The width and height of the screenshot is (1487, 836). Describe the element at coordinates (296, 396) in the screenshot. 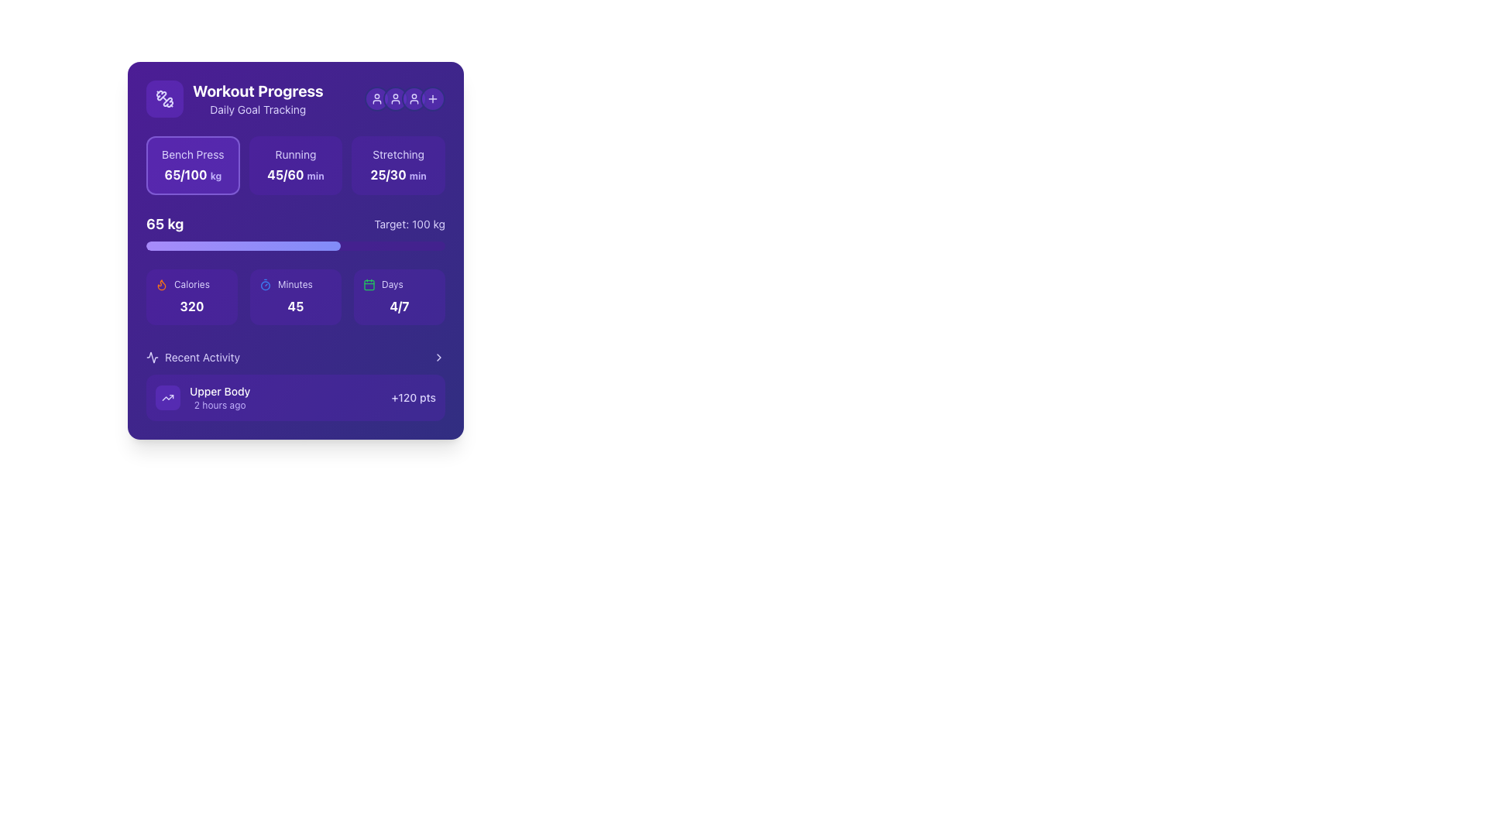

I see `the 'Upper Body' workout activity summary item located in the 'Recent Activity' section of the 'Workout Progress' card to view its details` at that location.